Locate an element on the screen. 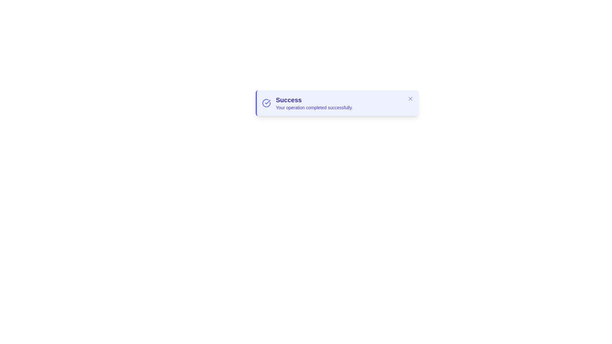 The image size is (612, 344). the text label that reads 'Your operation completed successfully.' which is styled in an indigo hue and located beneath the 'Success' text within a notification box is located at coordinates (314, 107).